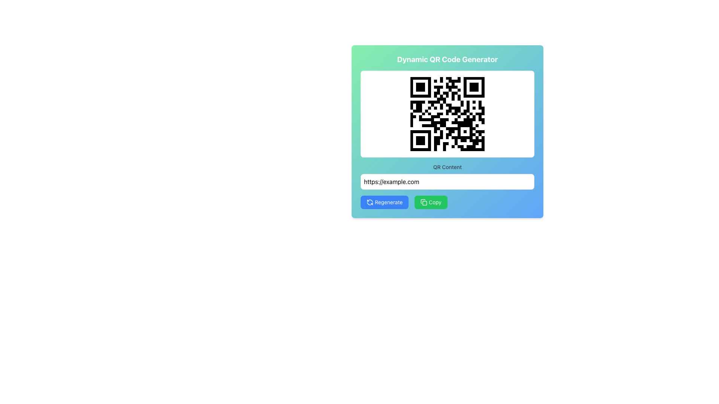 Image resolution: width=719 pixels, height=404 pixels. What do you see at coordinates (431, 202) in the screenshot?
I see `the copy button located at the bottom-right section of the card interface for keyboard navigation` at bounding box center [431, 202].